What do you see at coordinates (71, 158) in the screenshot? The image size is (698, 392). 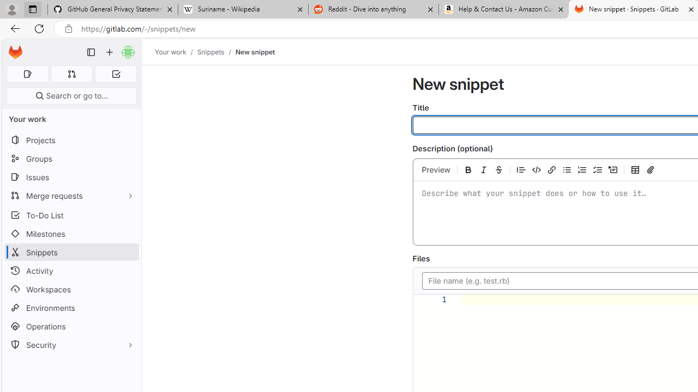 I see `'Groups'` at bounding box center [71, 158].